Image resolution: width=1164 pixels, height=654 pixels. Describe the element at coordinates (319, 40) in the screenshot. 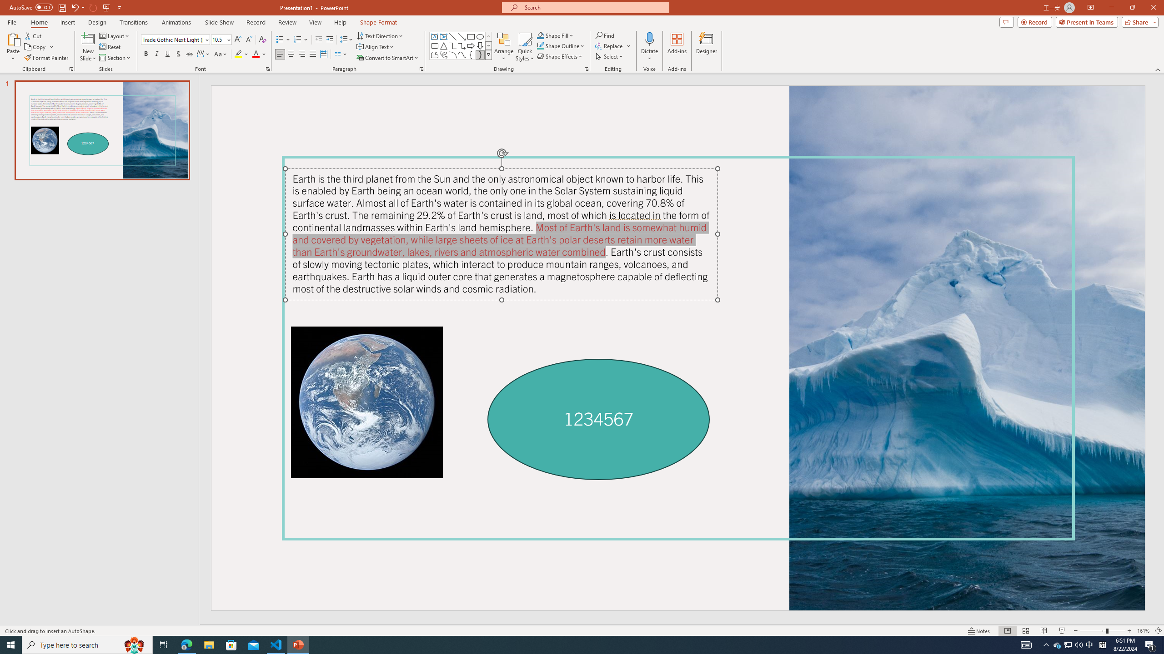

I see `'Decrease Indent'` at that location.